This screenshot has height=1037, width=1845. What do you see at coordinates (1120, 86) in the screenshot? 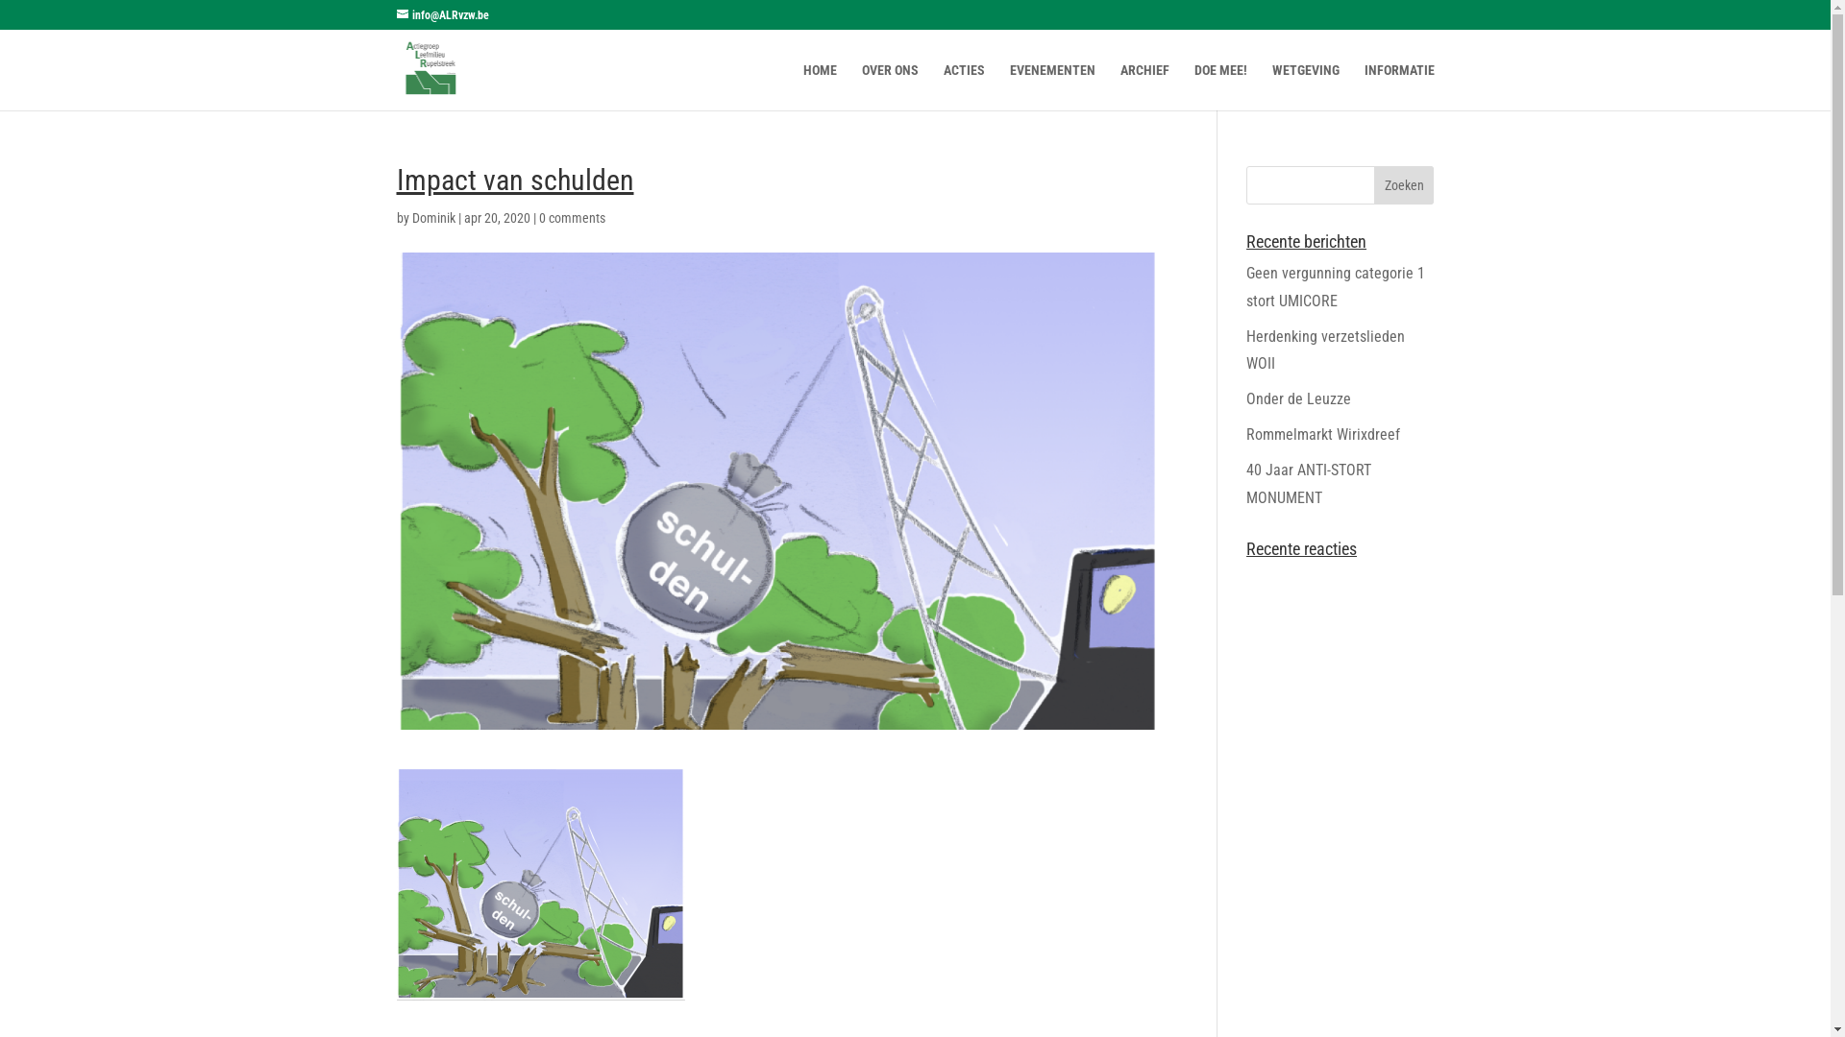
I see `'ARCHIEF'` at bounding box center [1120, 86].